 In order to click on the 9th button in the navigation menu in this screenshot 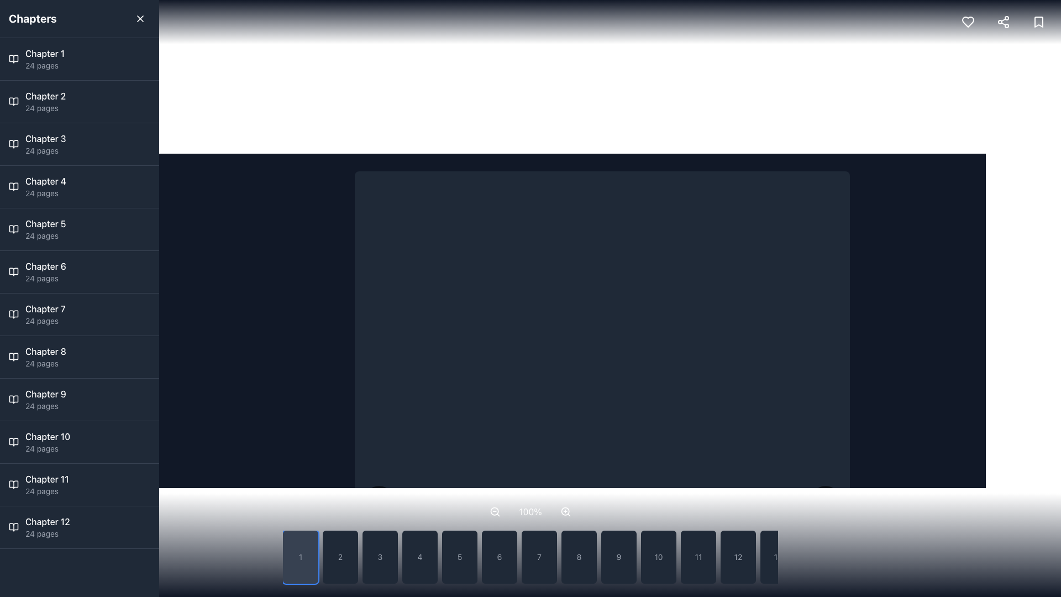, I will do `click(618, 557)`.